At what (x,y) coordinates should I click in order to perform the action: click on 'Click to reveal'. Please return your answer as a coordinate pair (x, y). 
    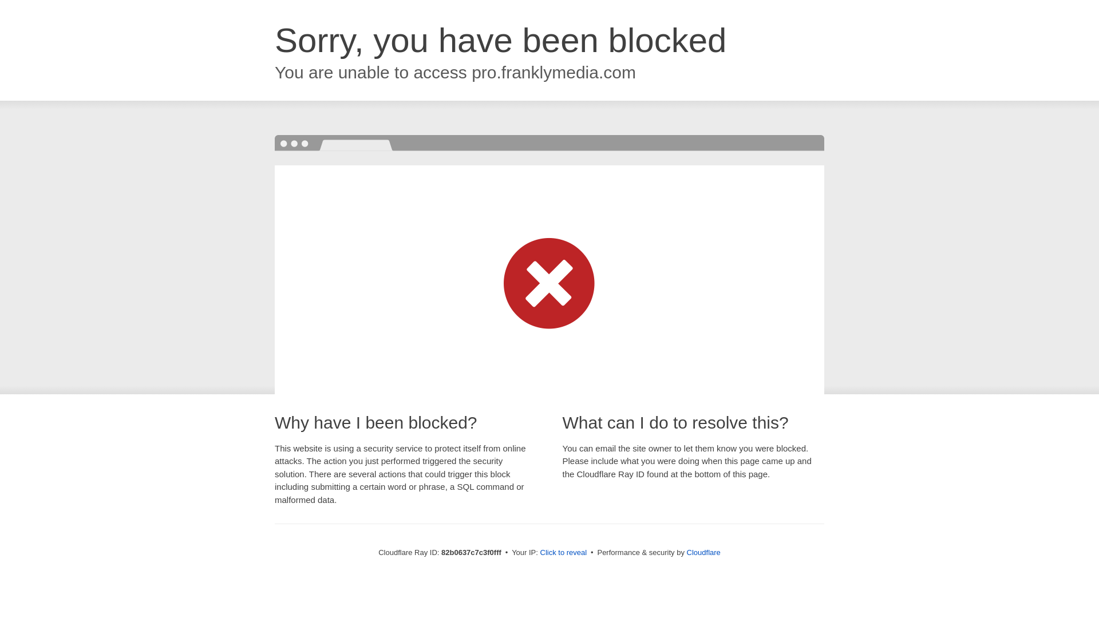
    Looking at the image, I should click on (563, 552).